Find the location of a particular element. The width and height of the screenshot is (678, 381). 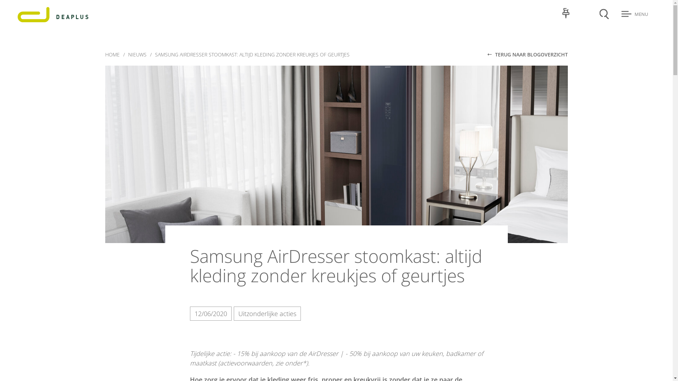

'HOME' is located at coordinates (112, 54).